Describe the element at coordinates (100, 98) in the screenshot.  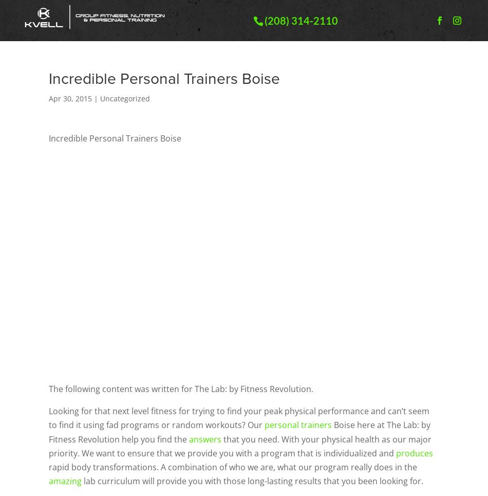
I see `'Uncategorized'` at that location.